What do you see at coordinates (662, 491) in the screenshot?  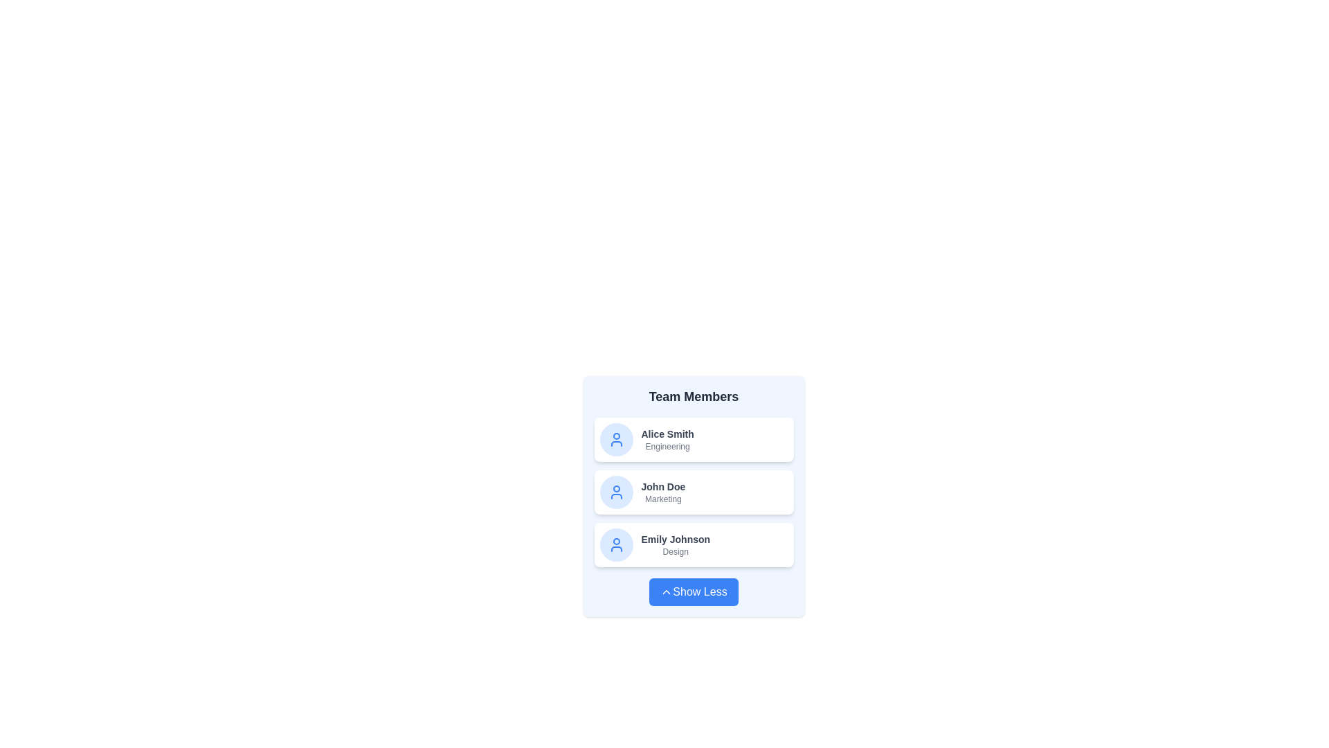 I see `the Text Display element that shows 'John Doe' in bold and 'Marketing' below it, located in the second card of the 'Team Members' section` at bounding box center [662, 491].